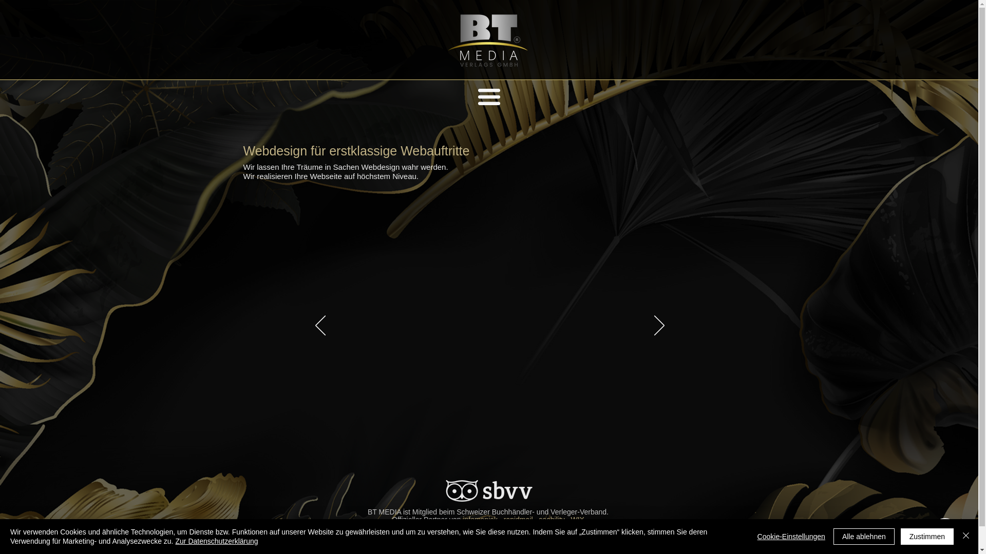 This screenshot has height=554, width=986. What do you see at coordinates (453, 528) in the screenshot?
I see `'EOM'` at bounding box center [453, 528].